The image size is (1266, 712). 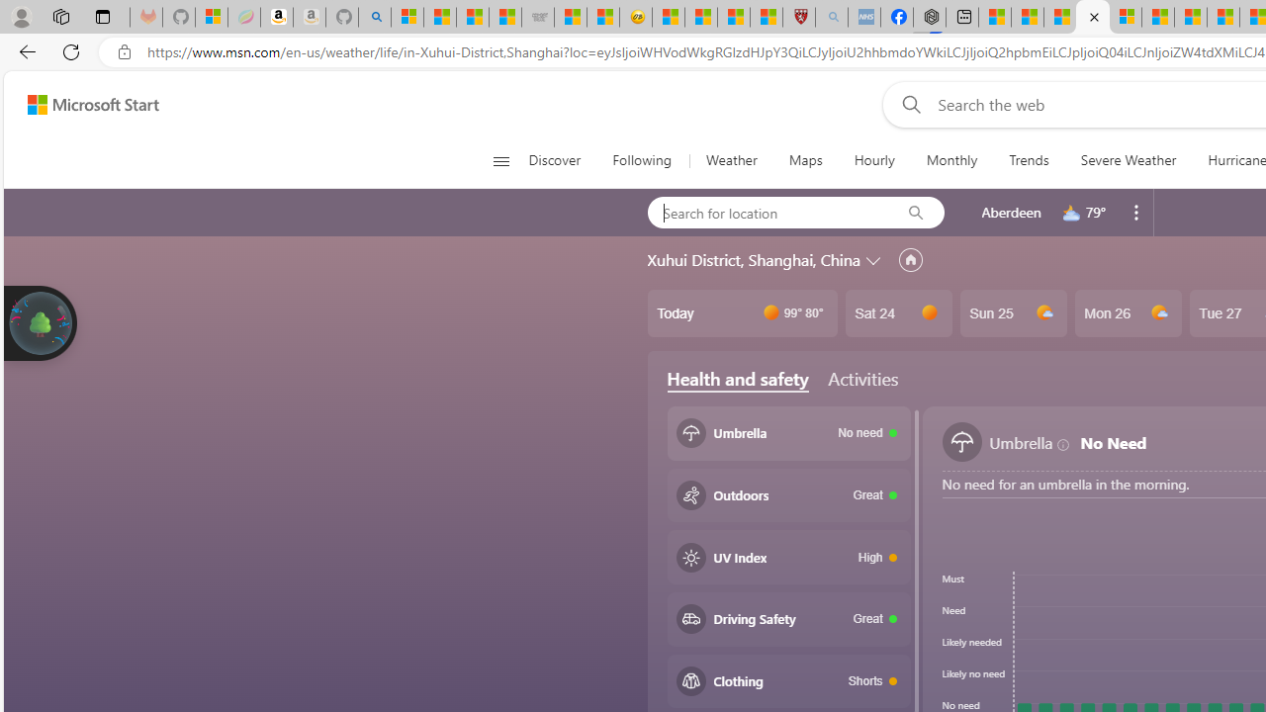 What do you see at coordinates (788, 557) in the screenshot?
I see `'UV index High'` at bounding box center [788, 557].